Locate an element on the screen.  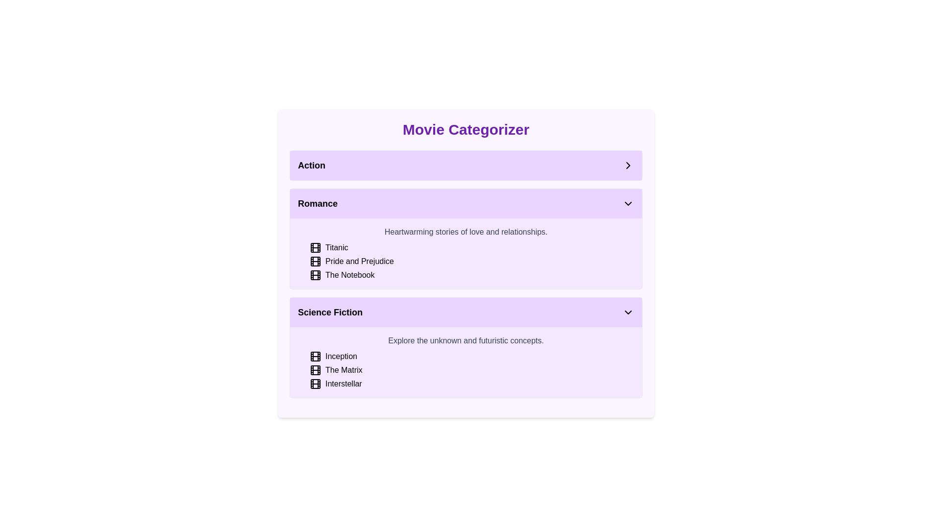
the static text label displaying 'Heartwarming stories of love and relationships.' which is located in the 'Romance' section above the list of items is located at coordinates (465, 232).